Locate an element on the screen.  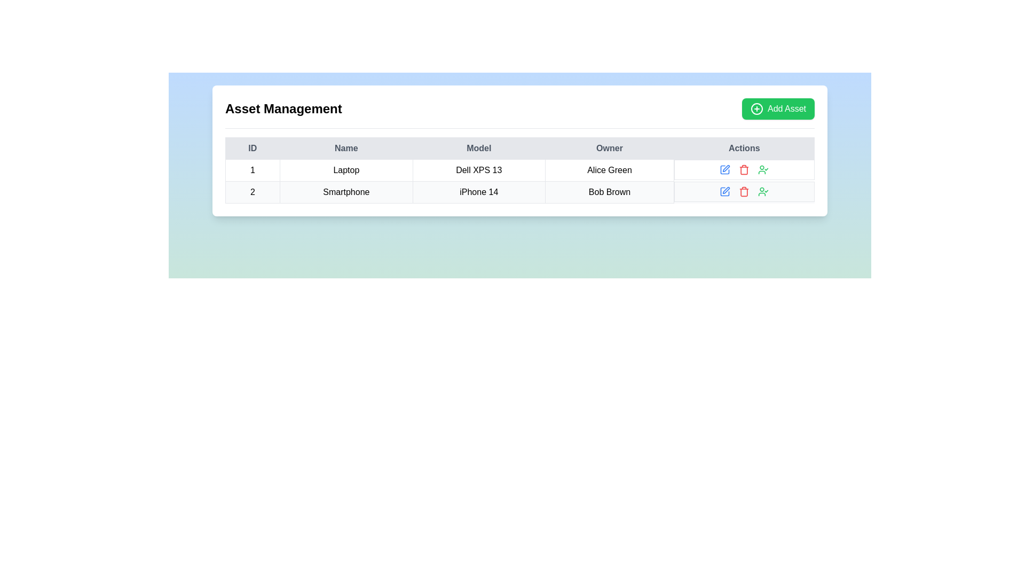
the table header cell displaying 'Name' in bold, dark gray font, located between the 'ID' and 'Model' headers is located at coordinates (346, 148).